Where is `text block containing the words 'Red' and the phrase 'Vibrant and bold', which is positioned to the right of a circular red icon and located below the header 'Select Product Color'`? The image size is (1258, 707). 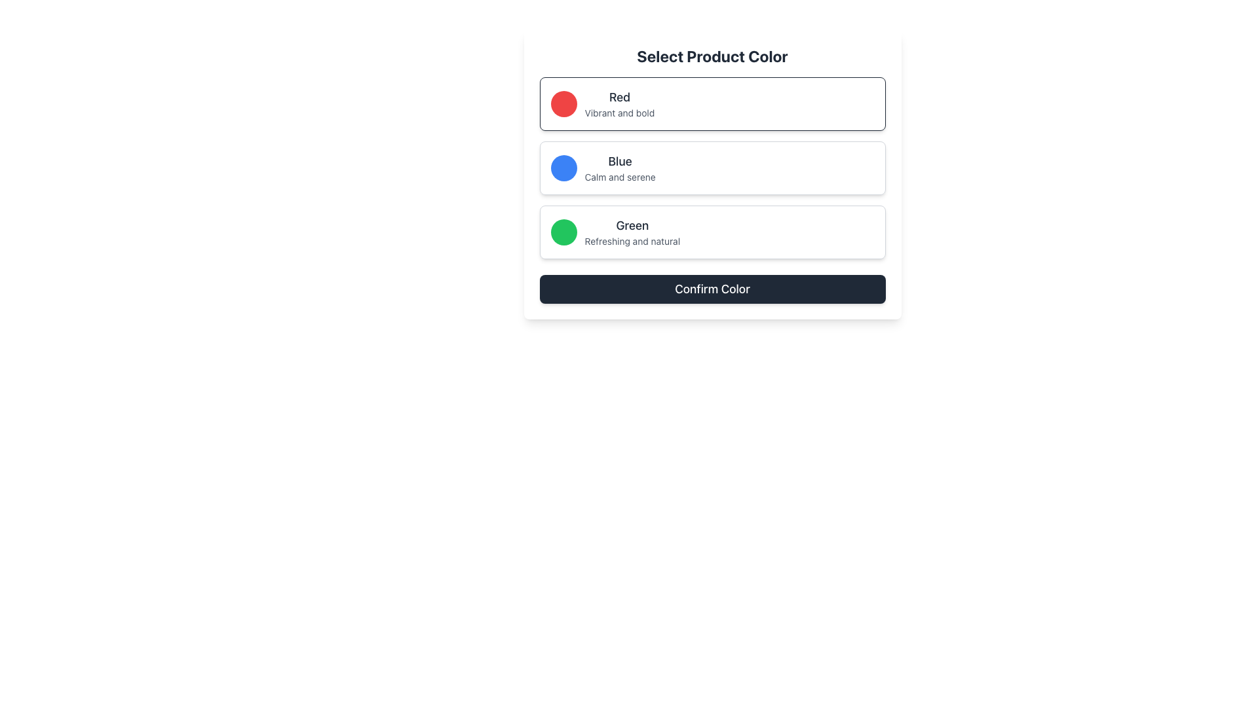
text block containing the words 'Red' and the phrase 'Vibrant and bold', which is positioned to the right of a circular red icon and located below the header 'Select Product Color' is located at coordinates (619, 103).